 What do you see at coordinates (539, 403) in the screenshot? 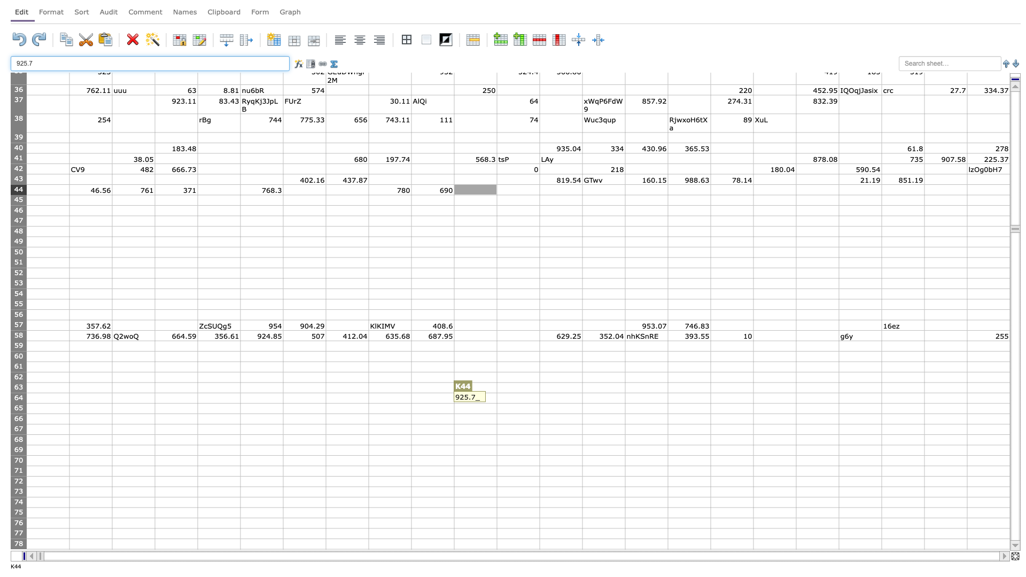
I see `bottom right corner of cell L64` at bounding box center [539, 403].